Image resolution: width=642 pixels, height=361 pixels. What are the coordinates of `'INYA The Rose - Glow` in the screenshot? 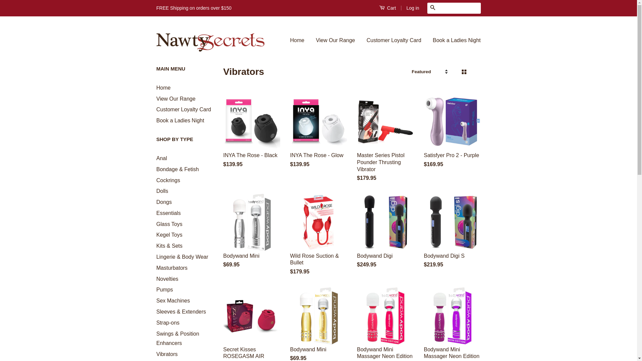 It's located at (290, 136).